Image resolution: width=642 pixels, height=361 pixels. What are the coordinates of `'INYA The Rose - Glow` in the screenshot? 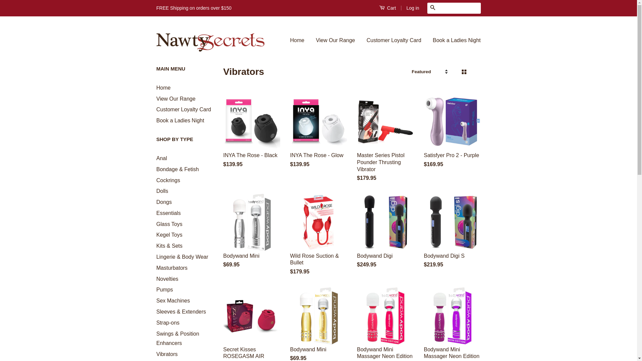 It's located at (290, 136).